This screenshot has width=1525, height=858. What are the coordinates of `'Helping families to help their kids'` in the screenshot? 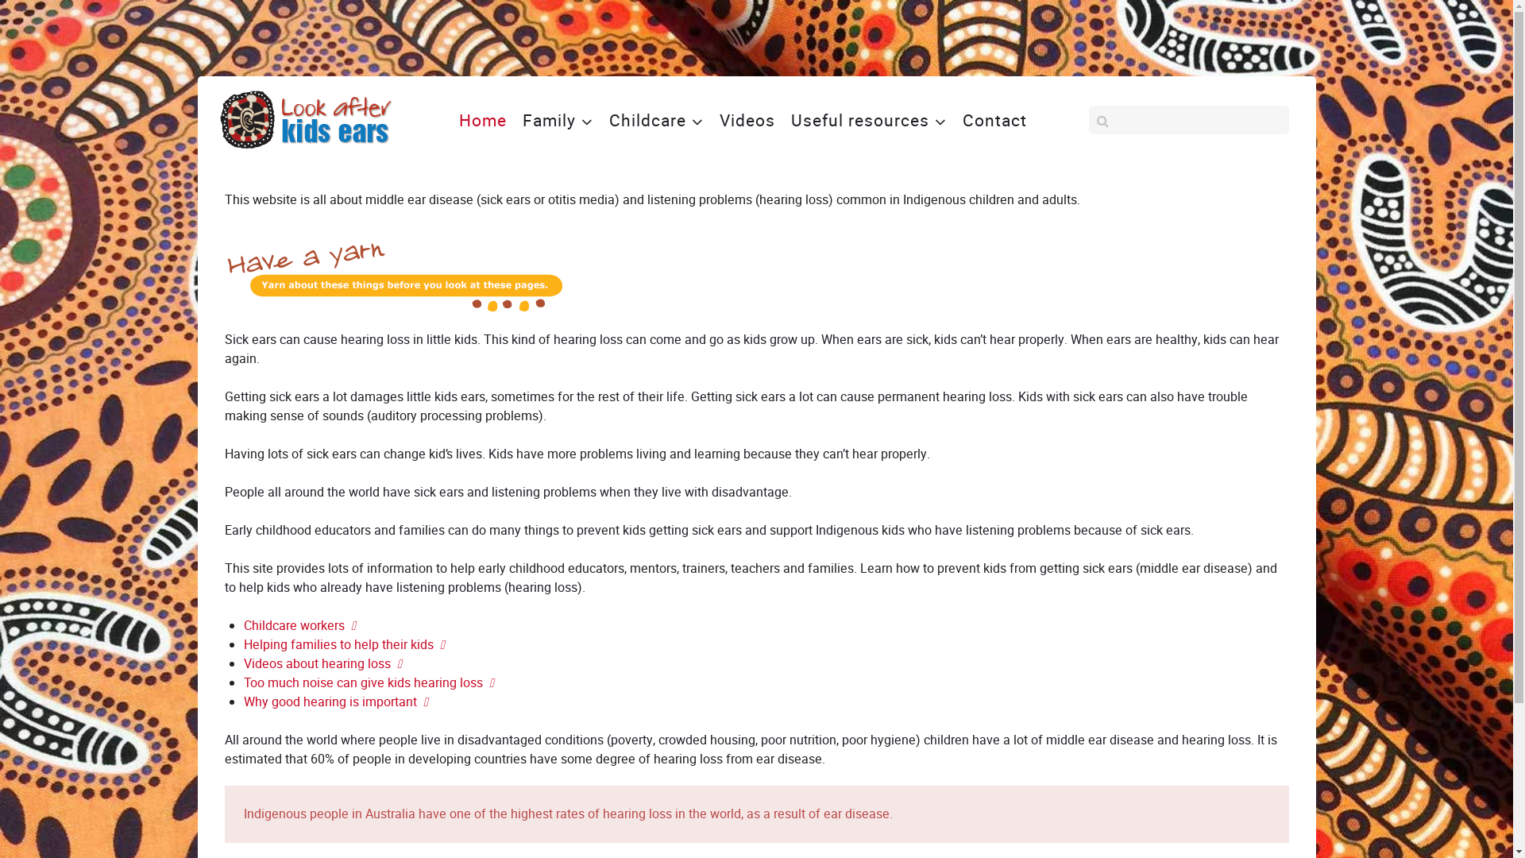 It's located at (342, 644).